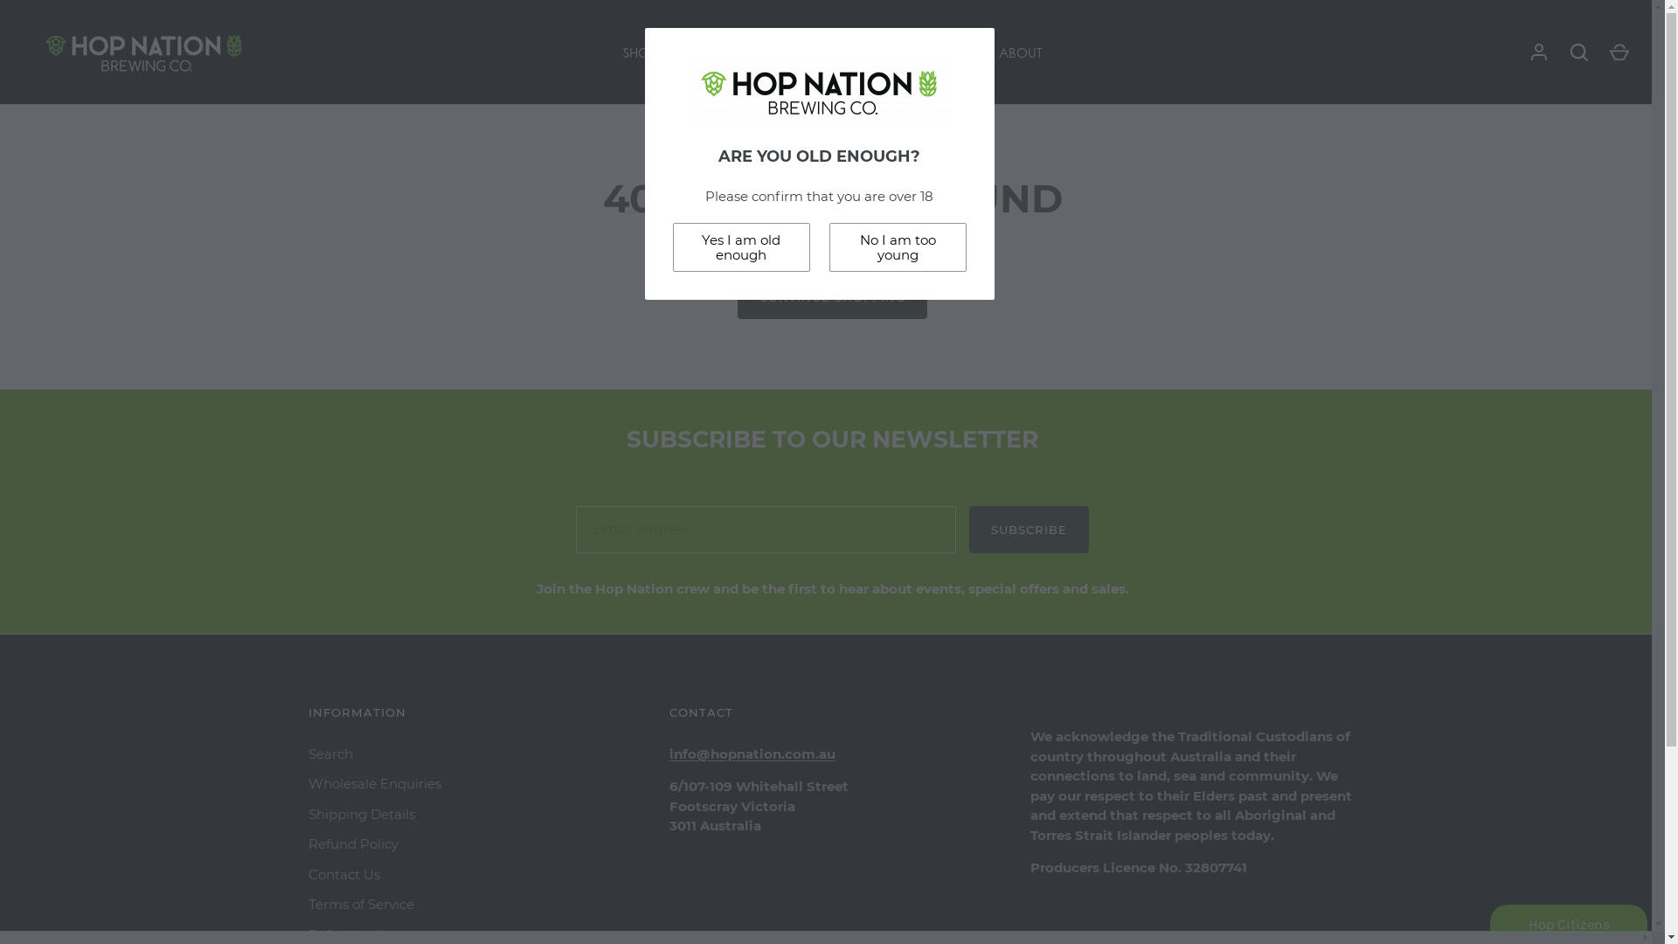 The height and width of the screenshot is (944, 1678). I want to click on 'TAPROOM', so click(847, 52).